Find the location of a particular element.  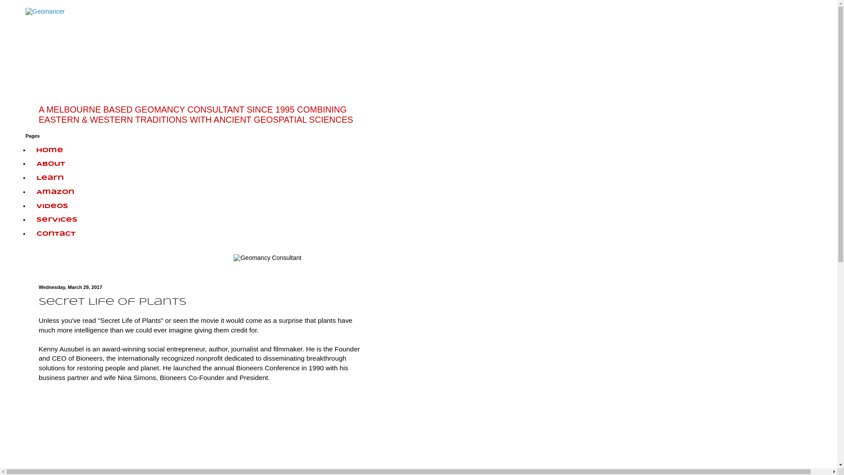

'Contact' is located at coordinates (55, 234).